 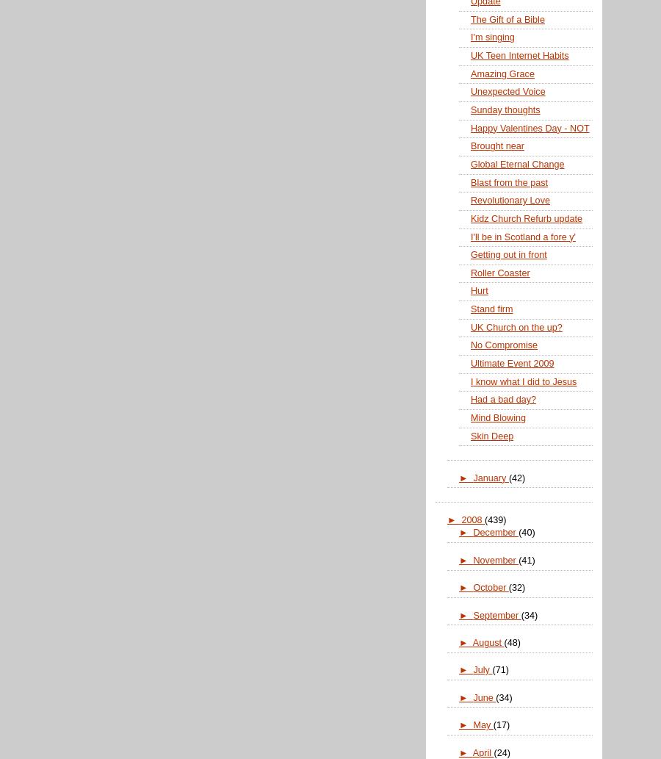 I want to click on 'Happy Valentines Day - NOT', so click(x=529, y=126).